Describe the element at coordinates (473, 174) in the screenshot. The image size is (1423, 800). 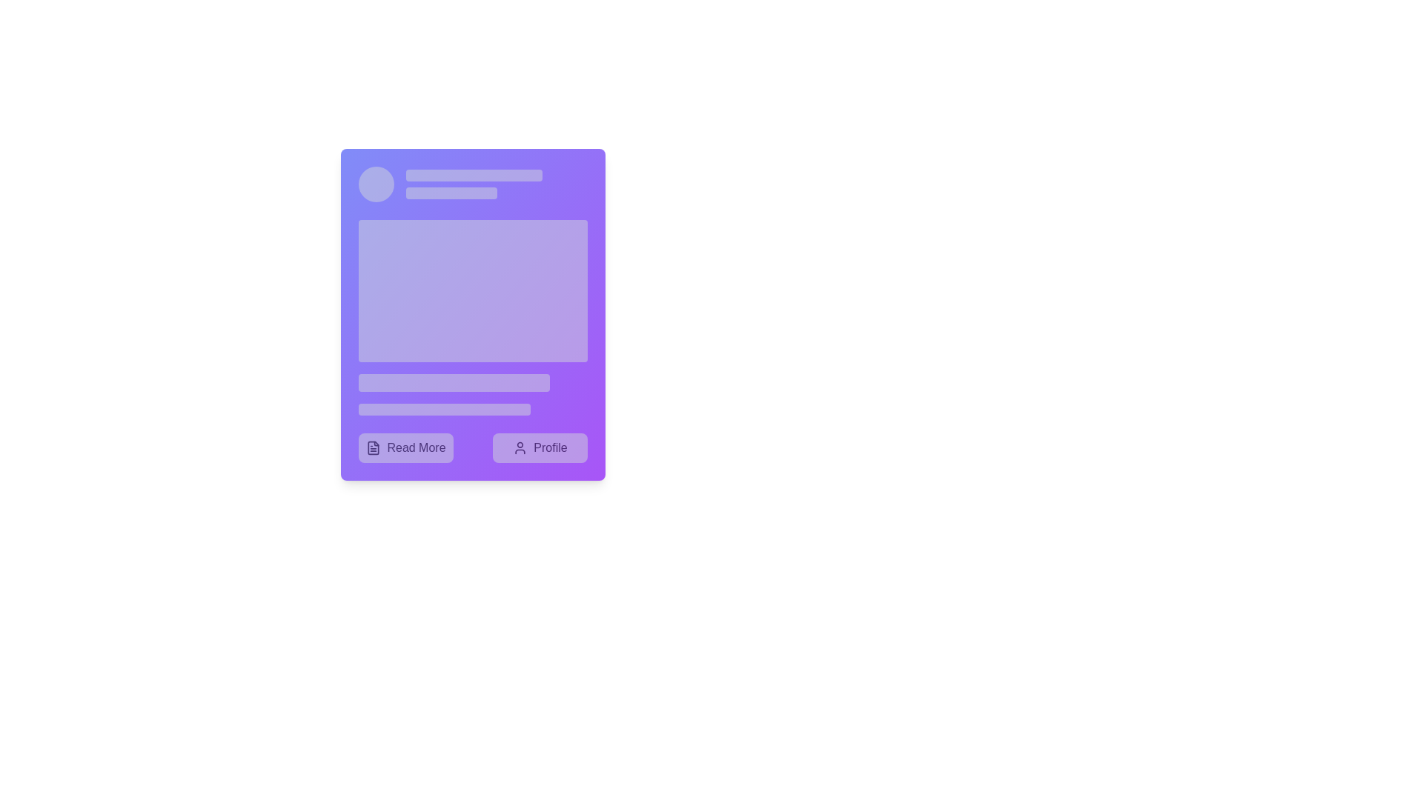
I see `the light gray placeholder bar or progress bar located at the top center of the card layout` at that location.